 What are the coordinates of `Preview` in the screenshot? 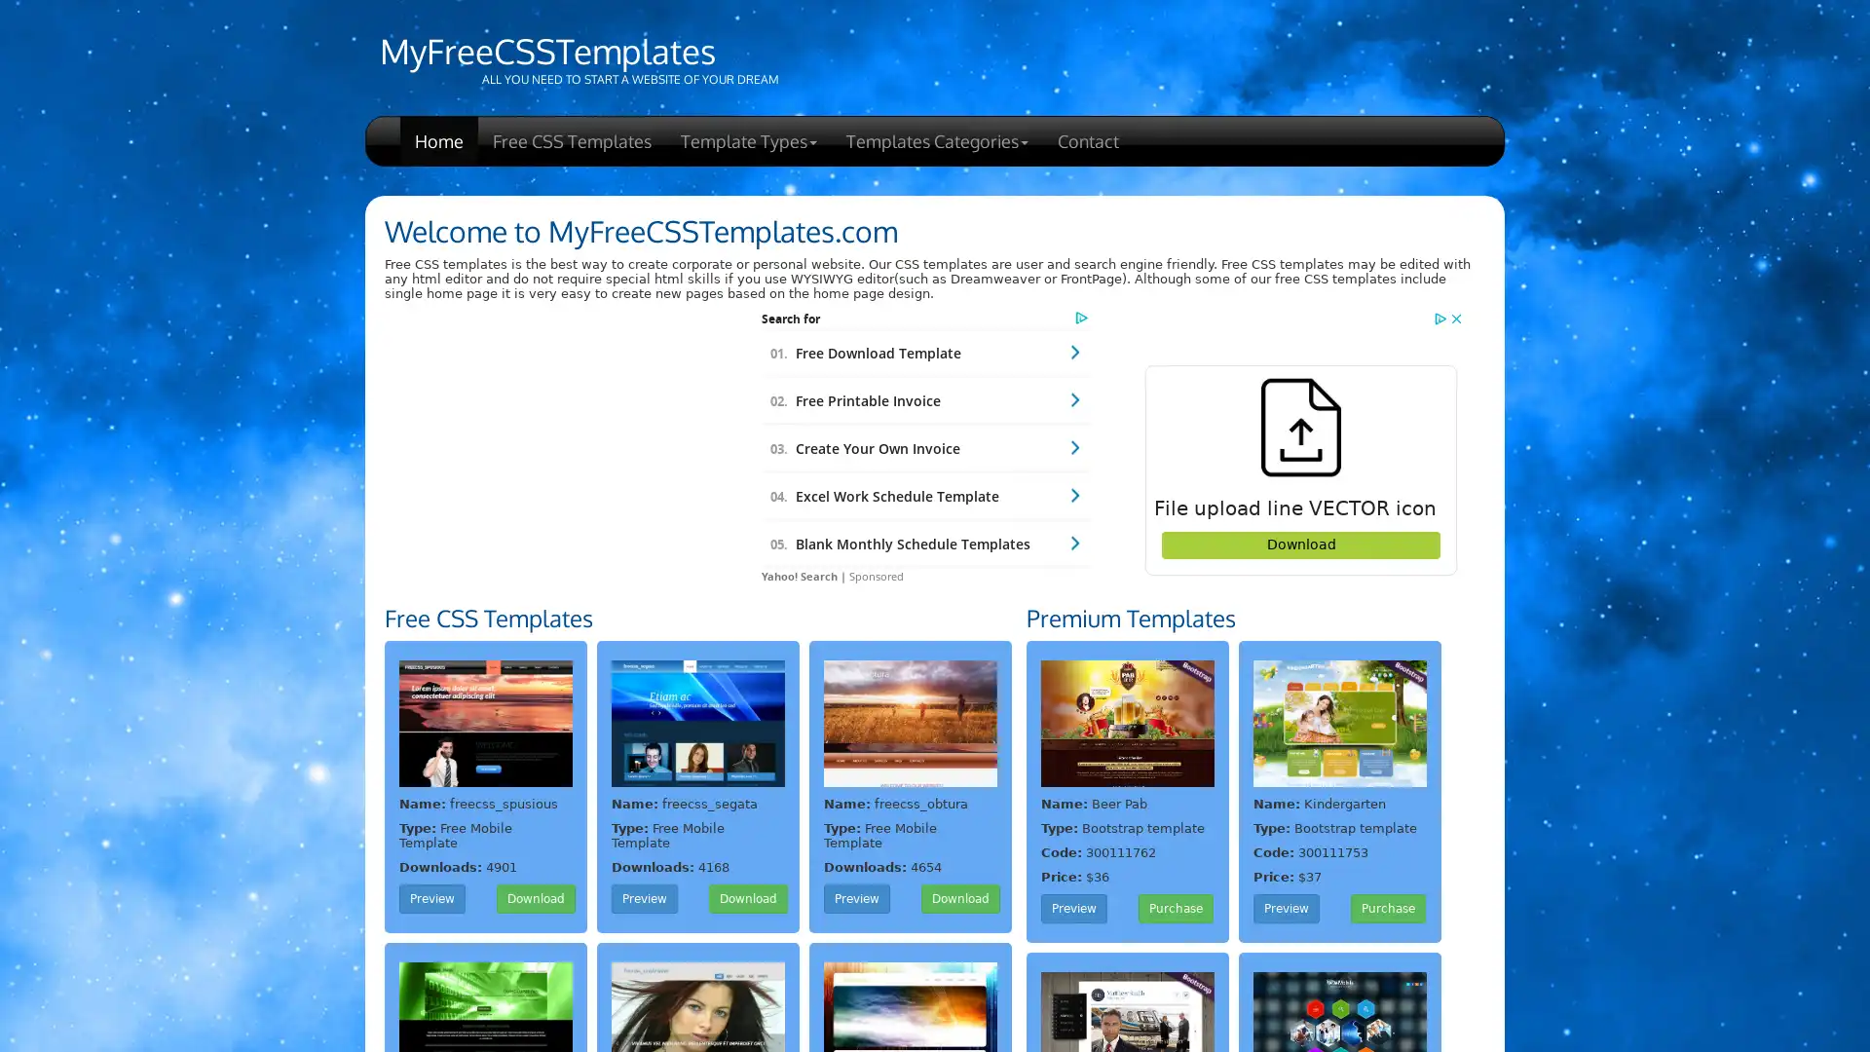 It's located at (1286, 909).